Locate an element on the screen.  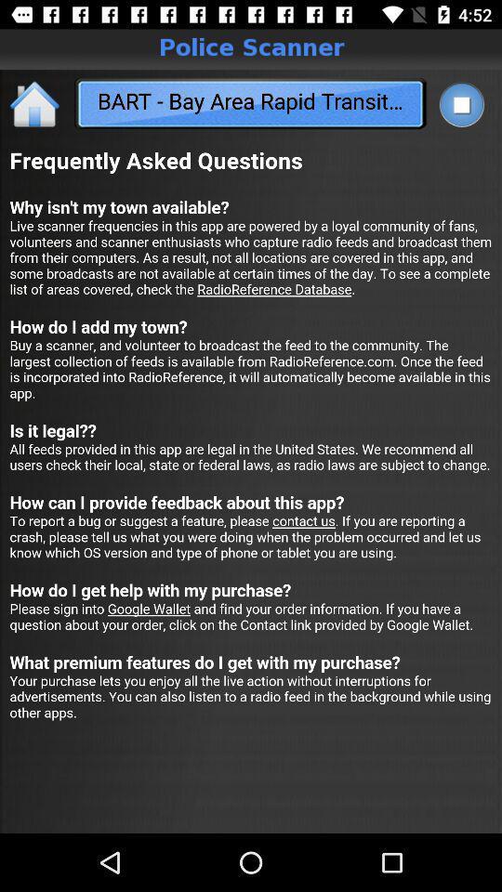
principal menu is located at coordinates (35, 103).